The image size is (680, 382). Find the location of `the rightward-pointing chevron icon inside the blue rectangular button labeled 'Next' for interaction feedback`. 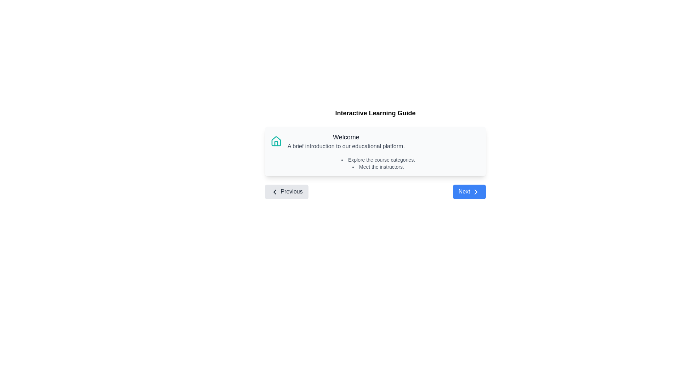

the rightward-pointing chevron icon inside the blue rectangular button labeled 'Next' for interaction feedback is located at coordinates (476, 192).